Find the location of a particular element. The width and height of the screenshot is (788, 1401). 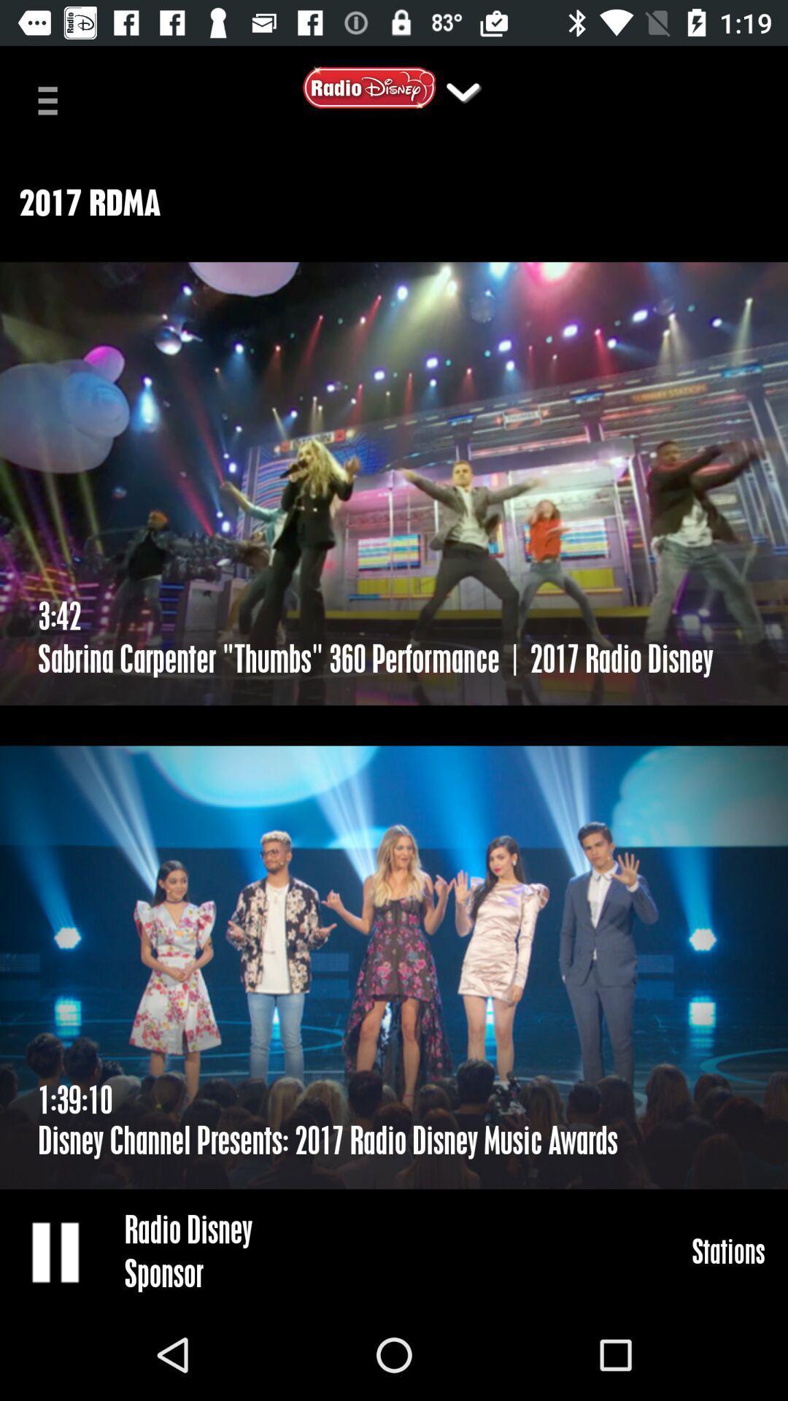

pause is located at coordinates (56, 1251).